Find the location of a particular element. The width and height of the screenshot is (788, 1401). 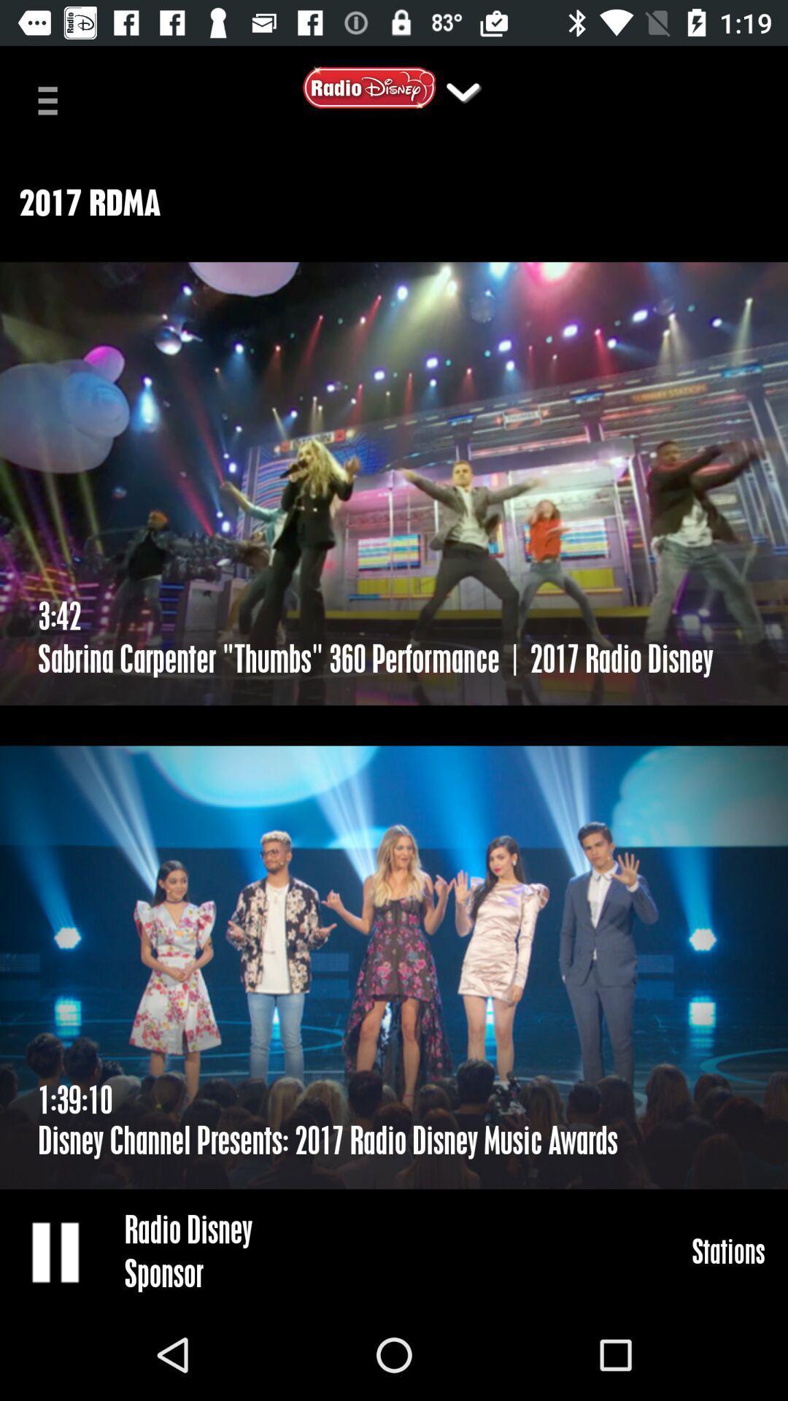

pause is located at coordinates (56, 1251).